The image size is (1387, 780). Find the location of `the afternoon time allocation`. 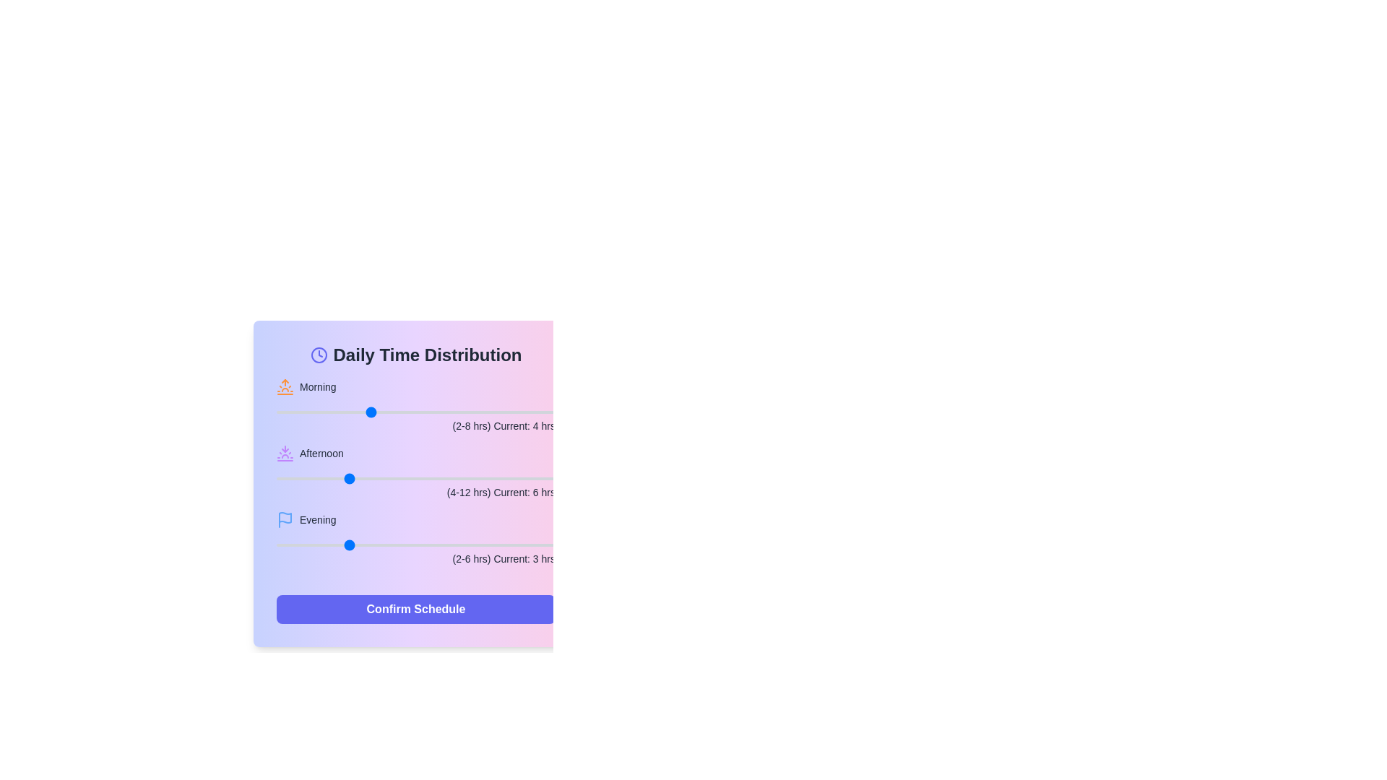

the afternoon time allocation is located at coordinates (381, 479).